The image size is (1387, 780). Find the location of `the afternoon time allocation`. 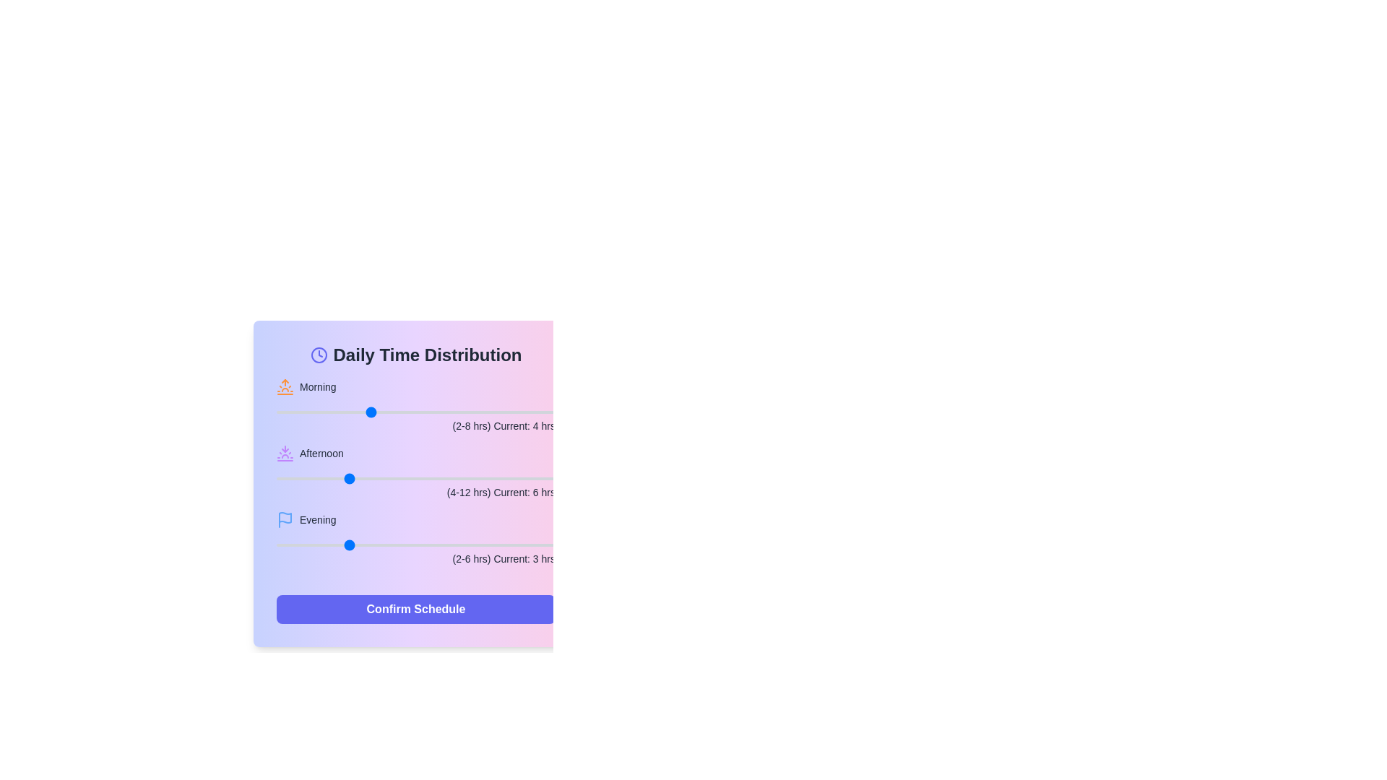

the afternoon time allocation is located at coordinates (381, 479).